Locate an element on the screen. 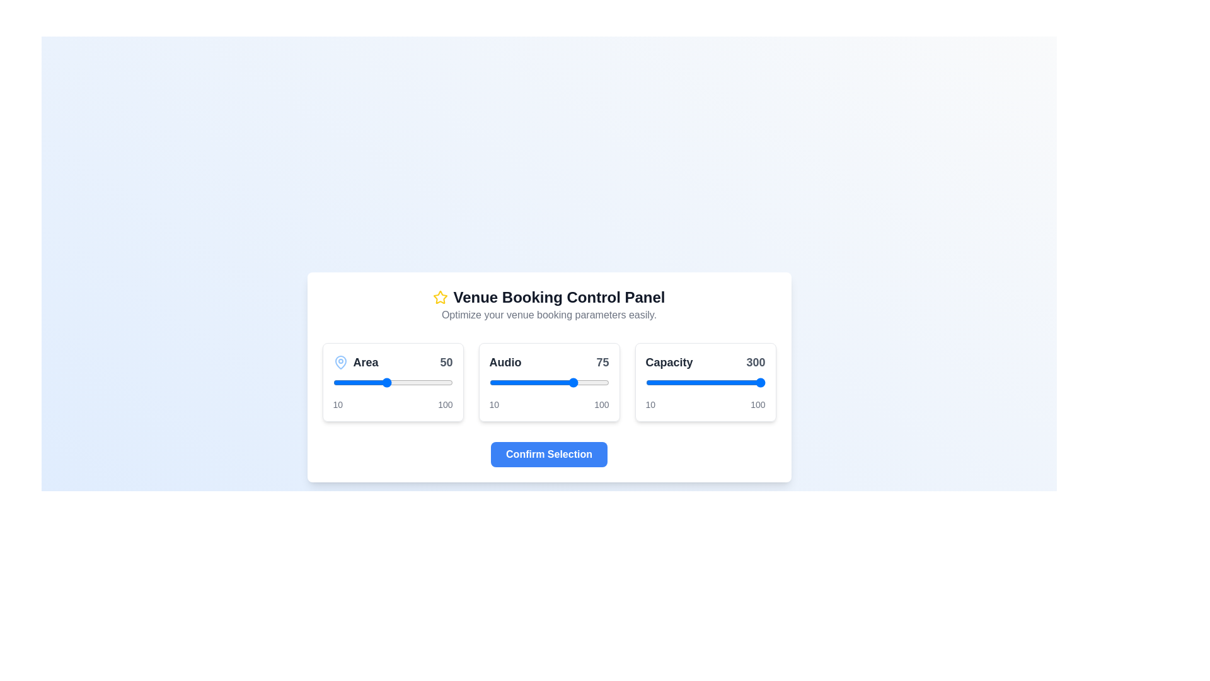  the Area slider is located at coordinates (350, 381).